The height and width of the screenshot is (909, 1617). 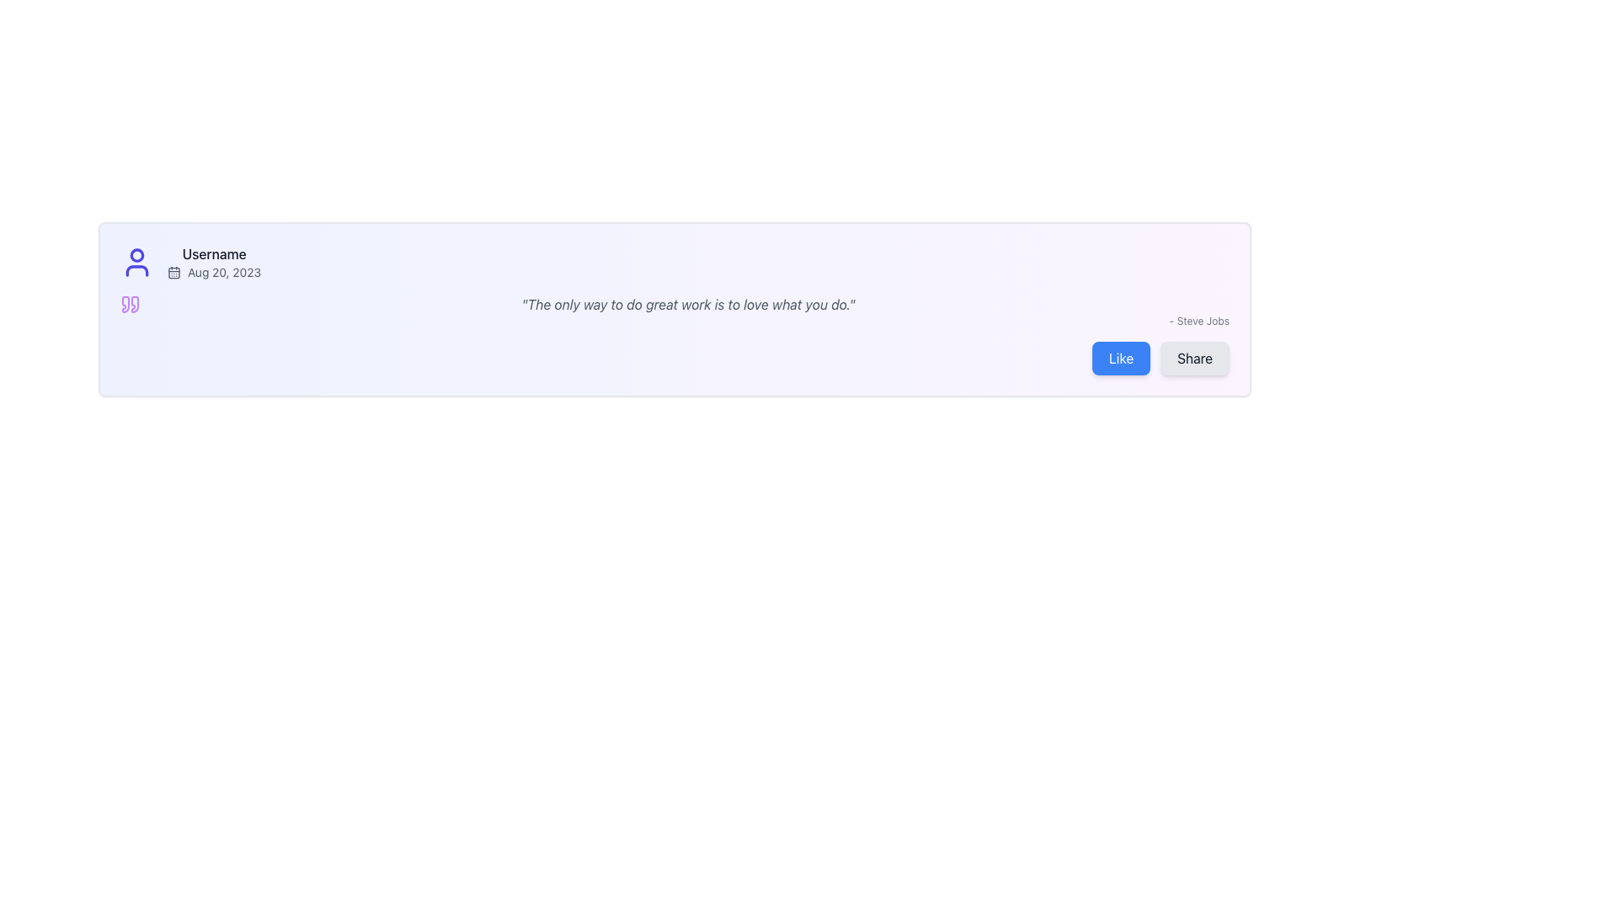 What do you see at coordinates (1120, 357) in the screenshot?
I see `the 'Like' button located at the bottom-right section of the user post card, which has a blue background and white text` at bounding box center [1120, 357].